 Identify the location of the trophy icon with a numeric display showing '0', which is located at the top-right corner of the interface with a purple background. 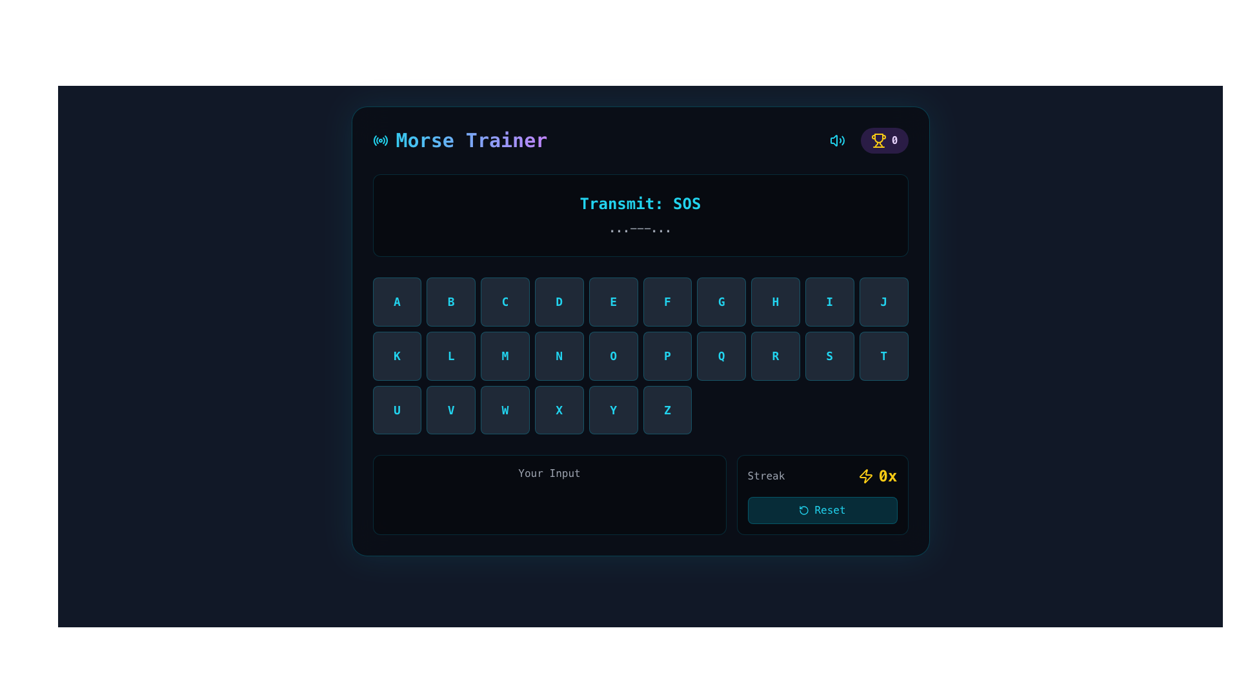
(883, 141).